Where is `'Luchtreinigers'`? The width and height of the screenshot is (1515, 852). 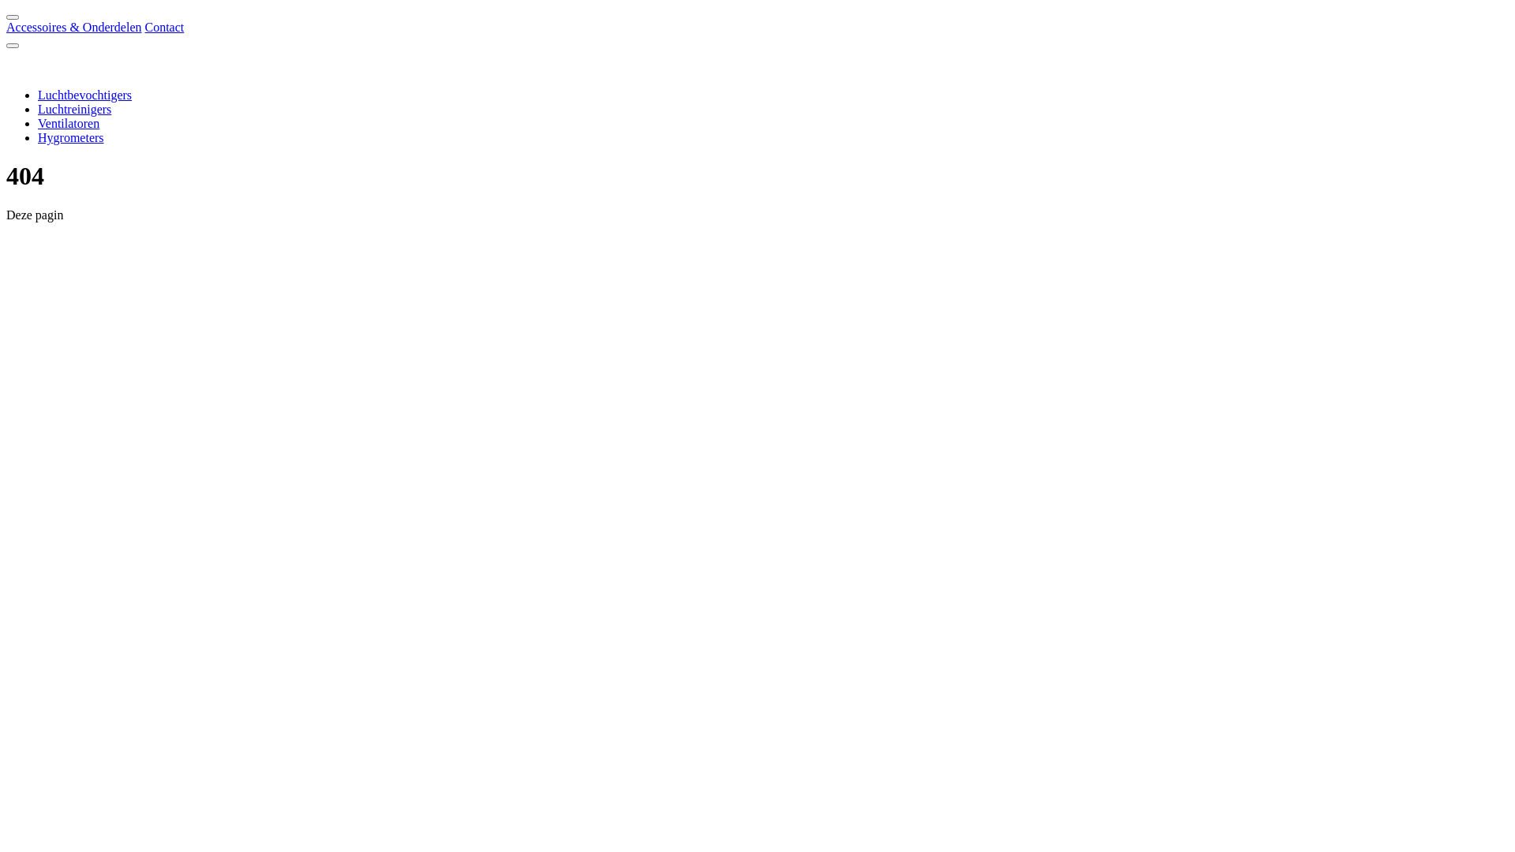 'Luchtreinigers' is located at coordinates (38, 108).